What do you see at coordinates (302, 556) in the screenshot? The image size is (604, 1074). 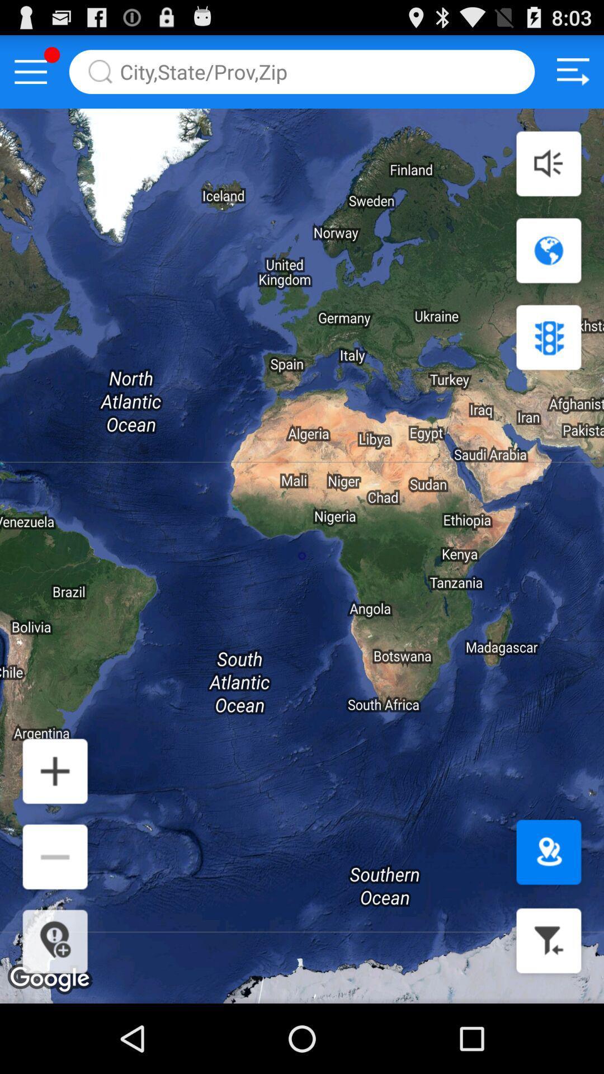 I see `the item at the center` at bounding box center [302, 556].